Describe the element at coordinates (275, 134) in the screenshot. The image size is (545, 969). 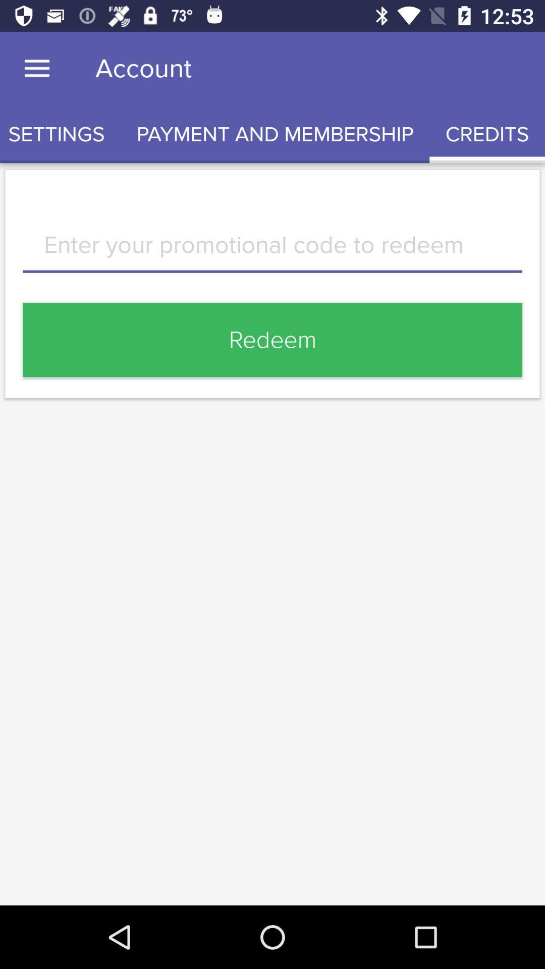
I see `the item next to settings item` at that location.